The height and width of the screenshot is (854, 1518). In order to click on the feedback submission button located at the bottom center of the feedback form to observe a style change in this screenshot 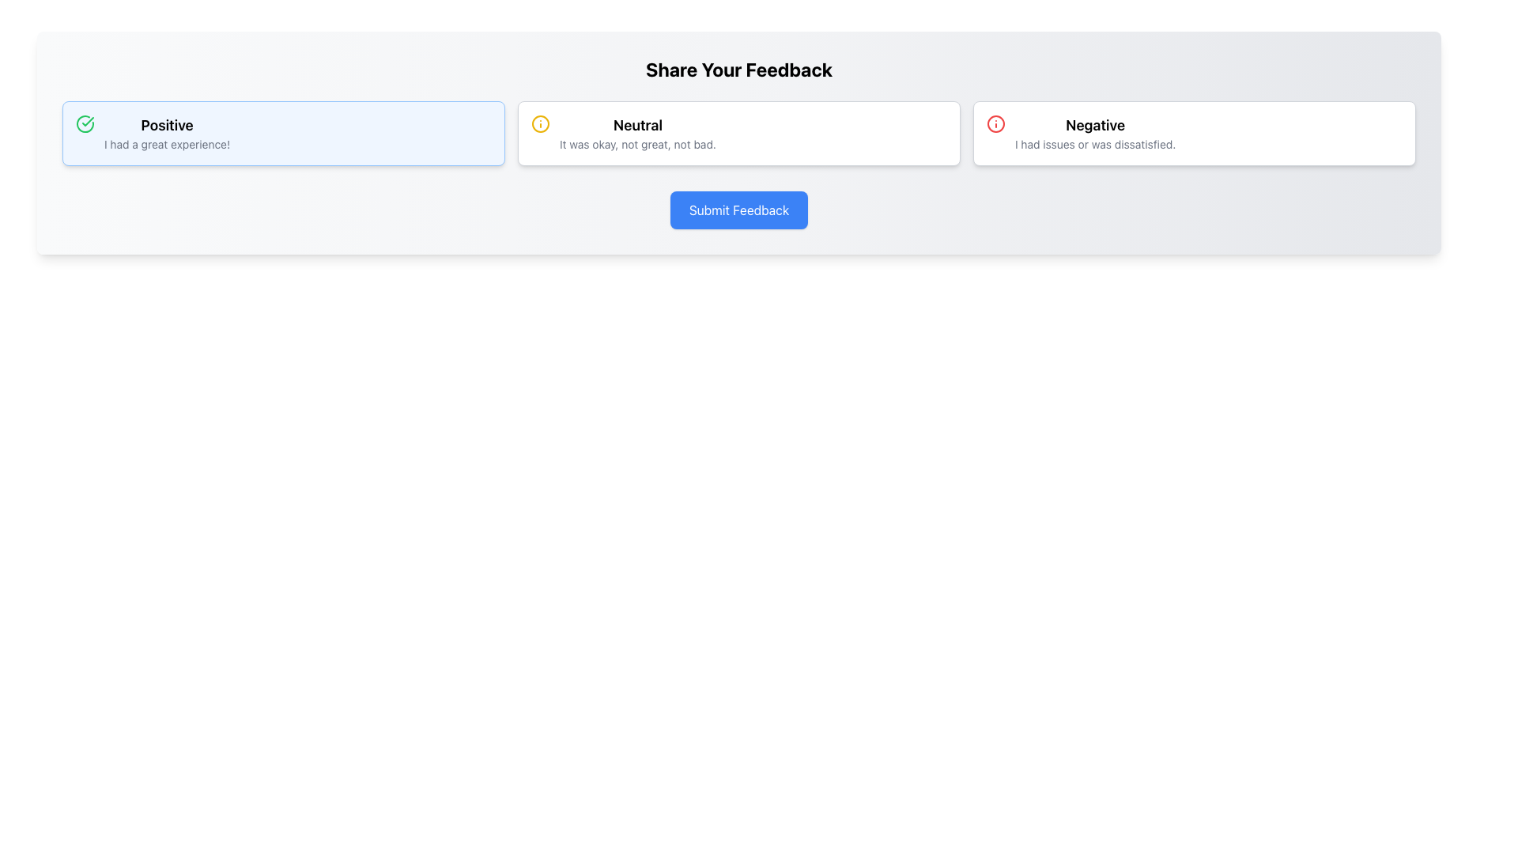, I will do `click(738, 210)`.